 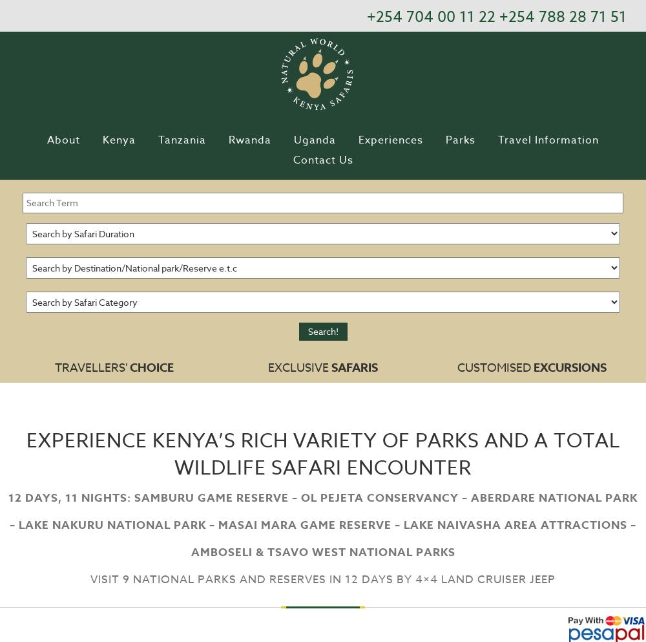 What do you see at coordinates (250, 139) in the screenshot?
I see `'Rwanda'` at bounding box center [250, 139].